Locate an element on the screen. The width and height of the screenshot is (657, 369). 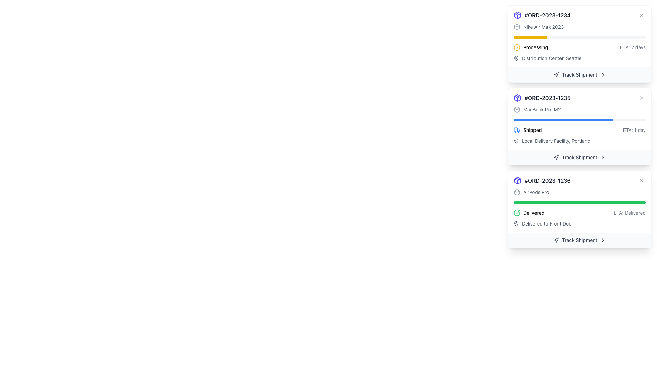
informational text that indicates the delivery location of the shipment, which is located in the bottommost card beneath the 'Delivered' status and aligned to the left of the 'Track Shipment' button is located at coordinates (547, 224).